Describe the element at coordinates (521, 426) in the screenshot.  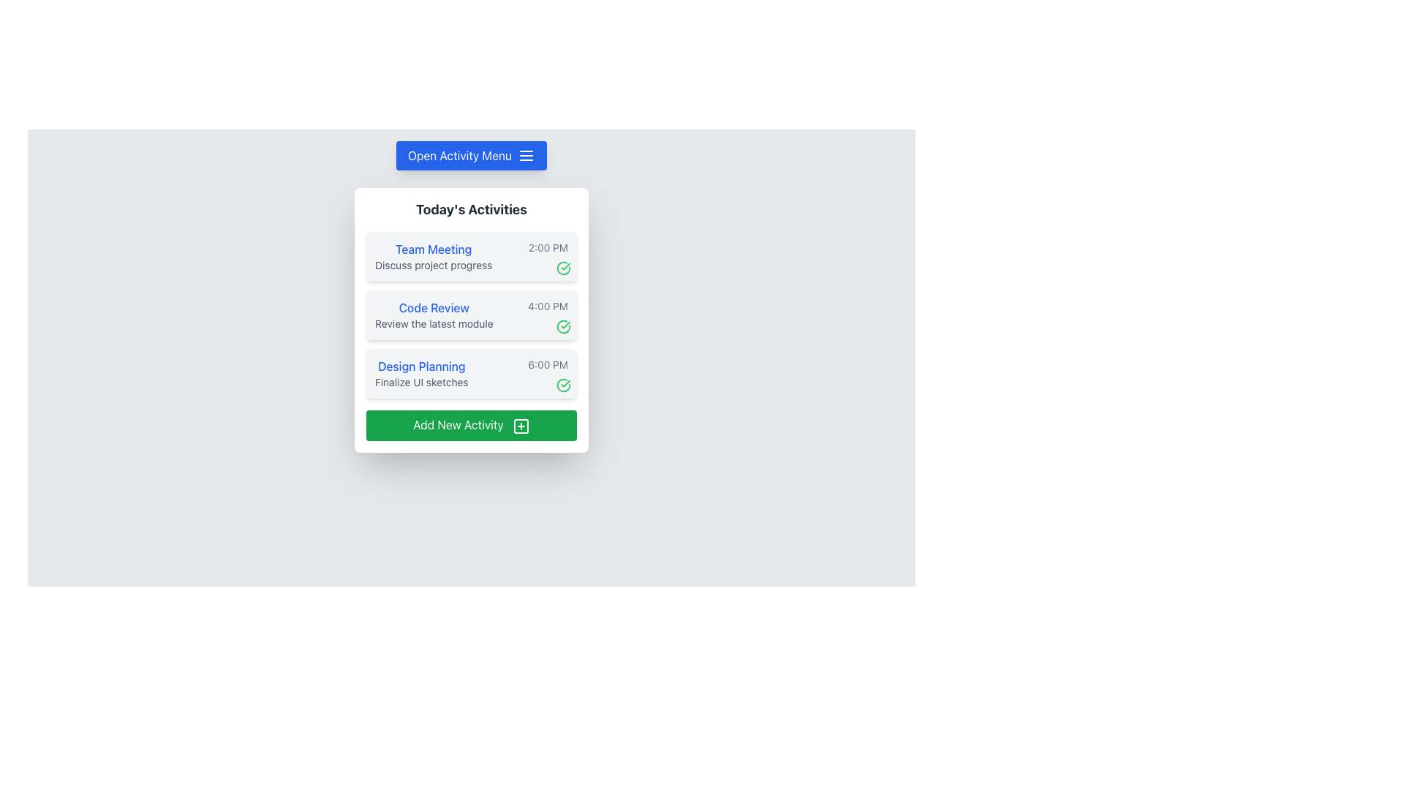
I see `the icon indicating the action to add a new activity, located on the right side of the 'Add New Activity' button at the bottom of the white card` at that location.